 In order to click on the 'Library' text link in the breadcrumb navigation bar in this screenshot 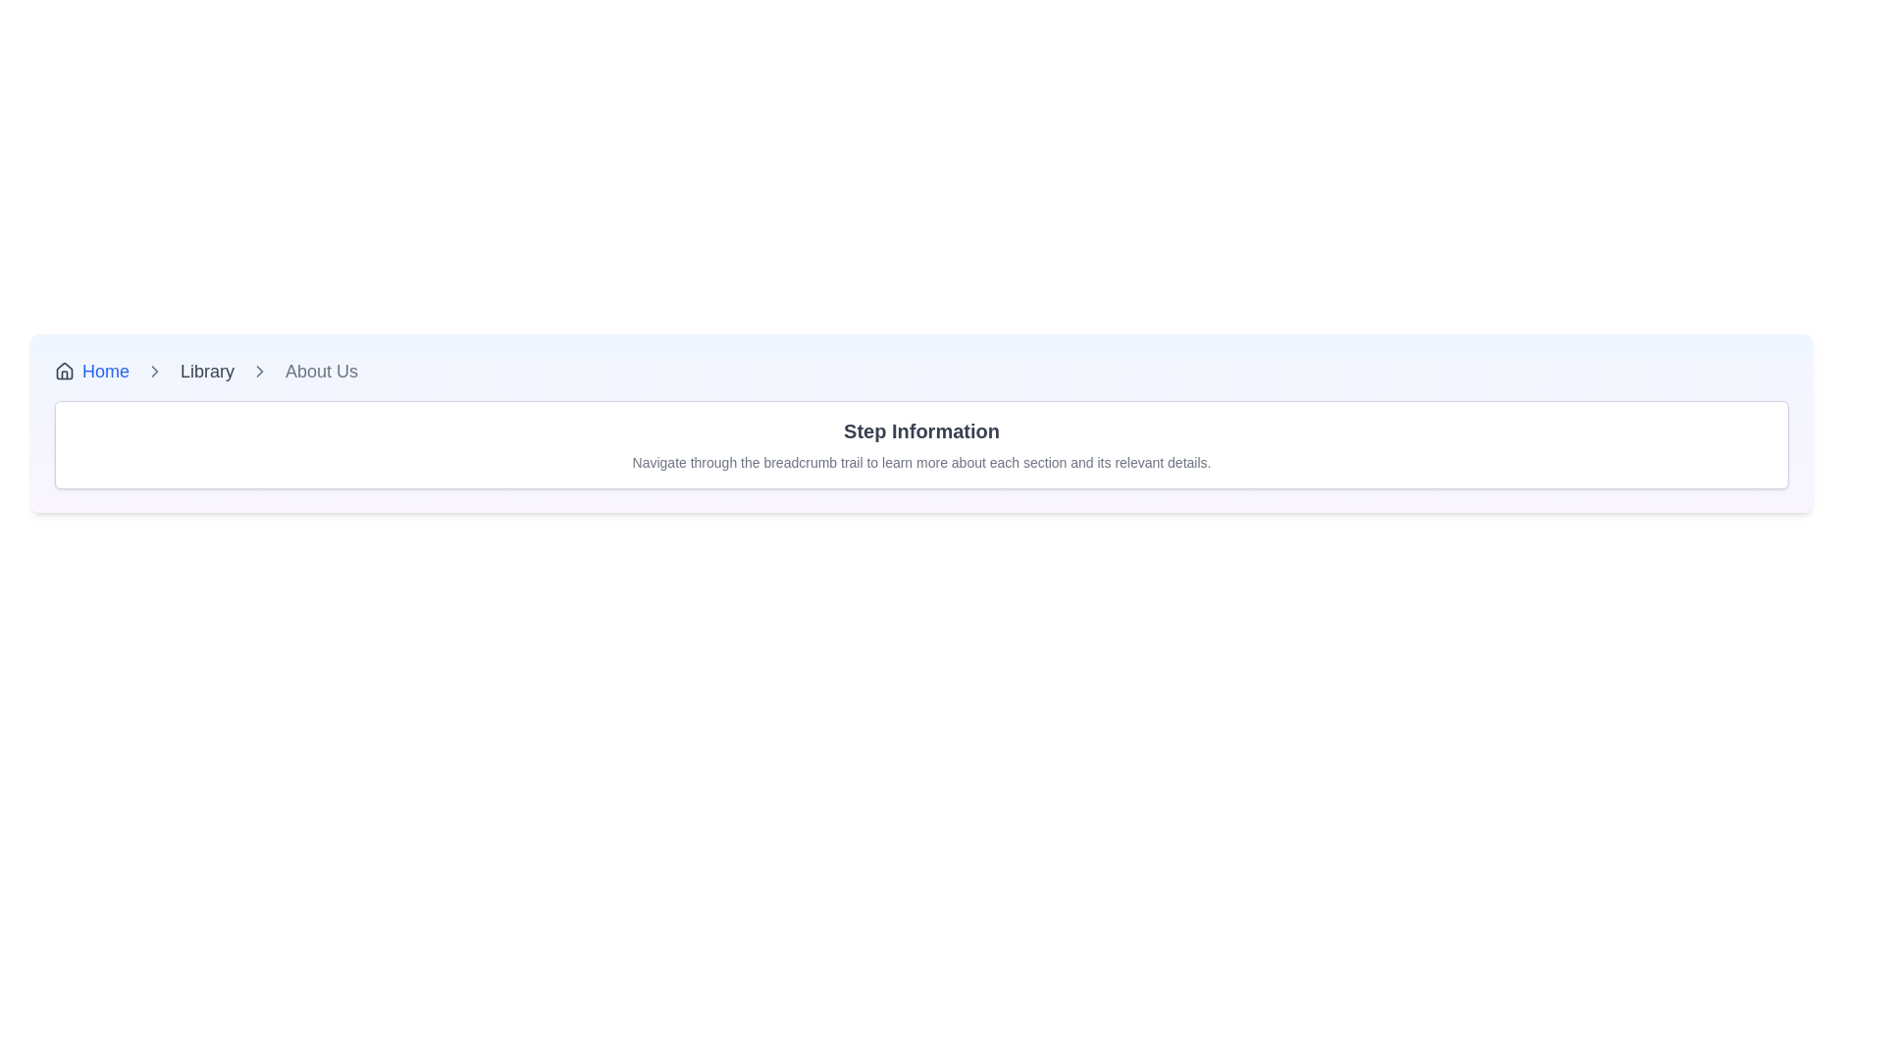, I will do `click(207, 371)`.